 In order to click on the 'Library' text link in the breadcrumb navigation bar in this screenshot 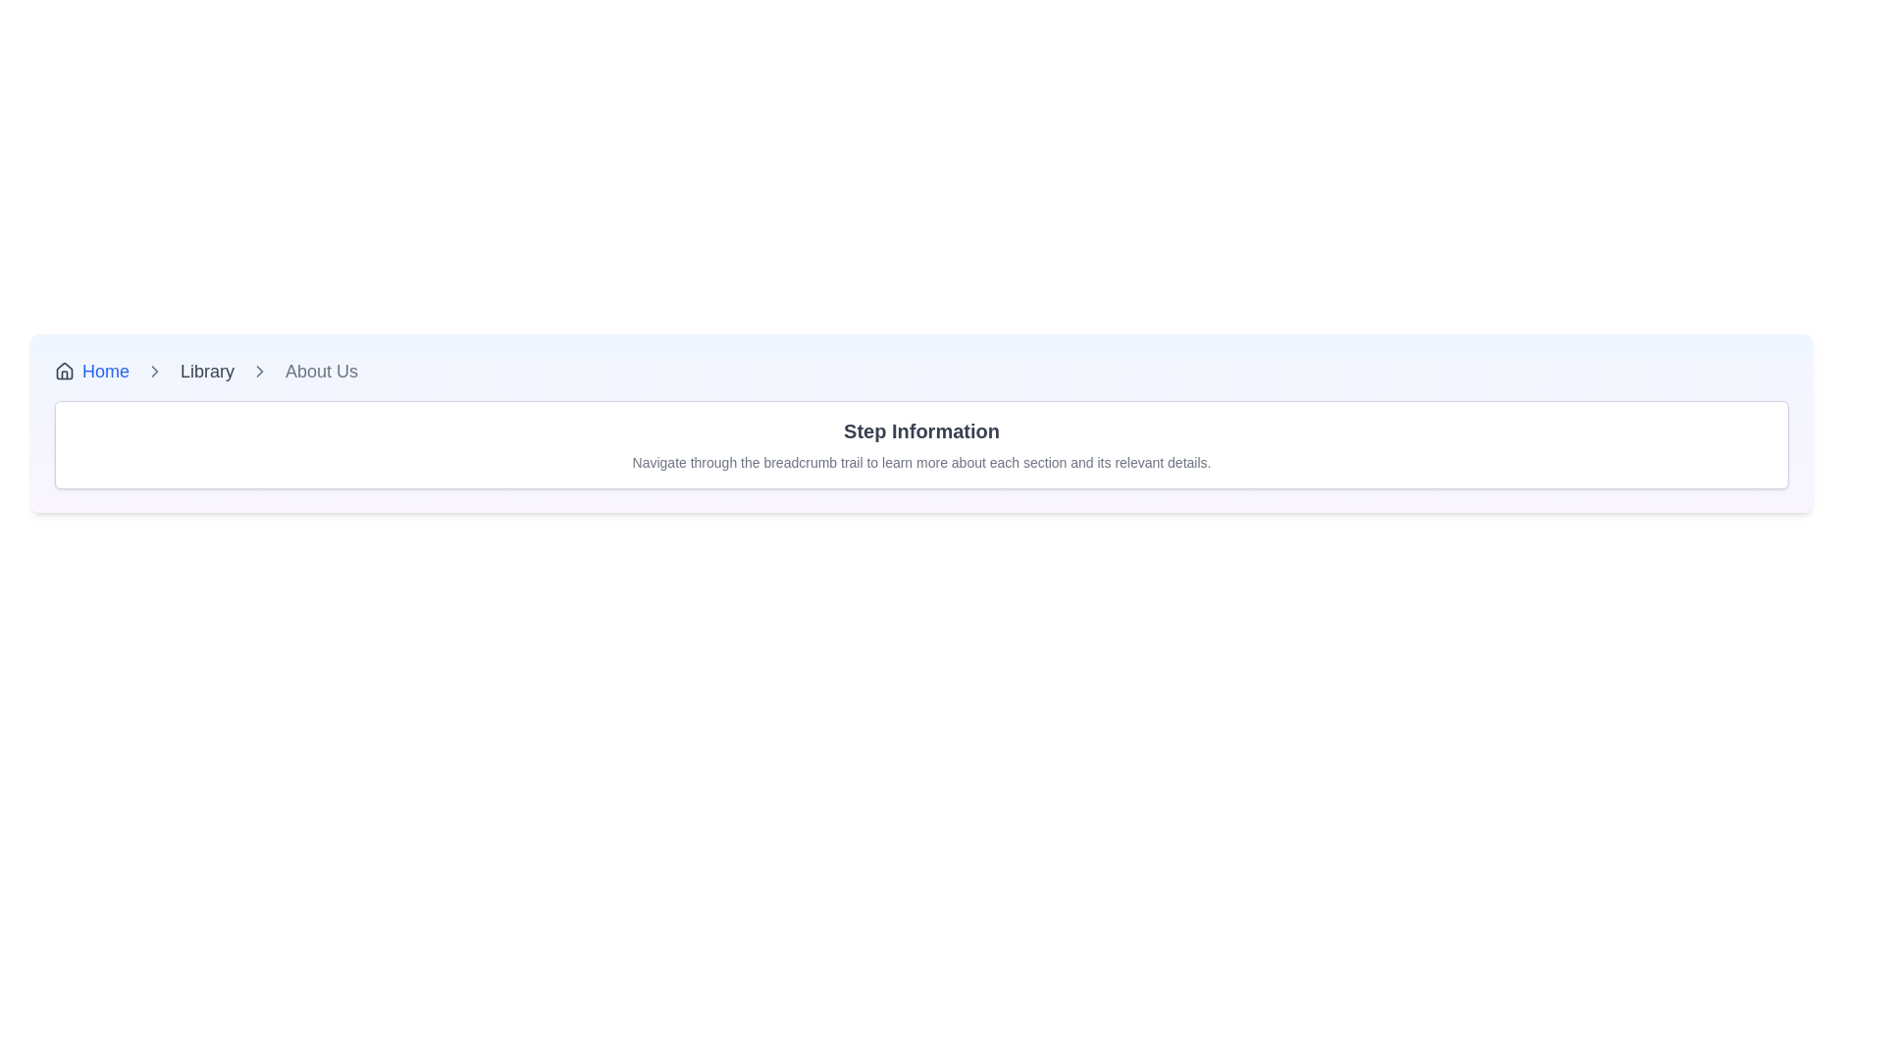, I will do `click(207, 371)`.